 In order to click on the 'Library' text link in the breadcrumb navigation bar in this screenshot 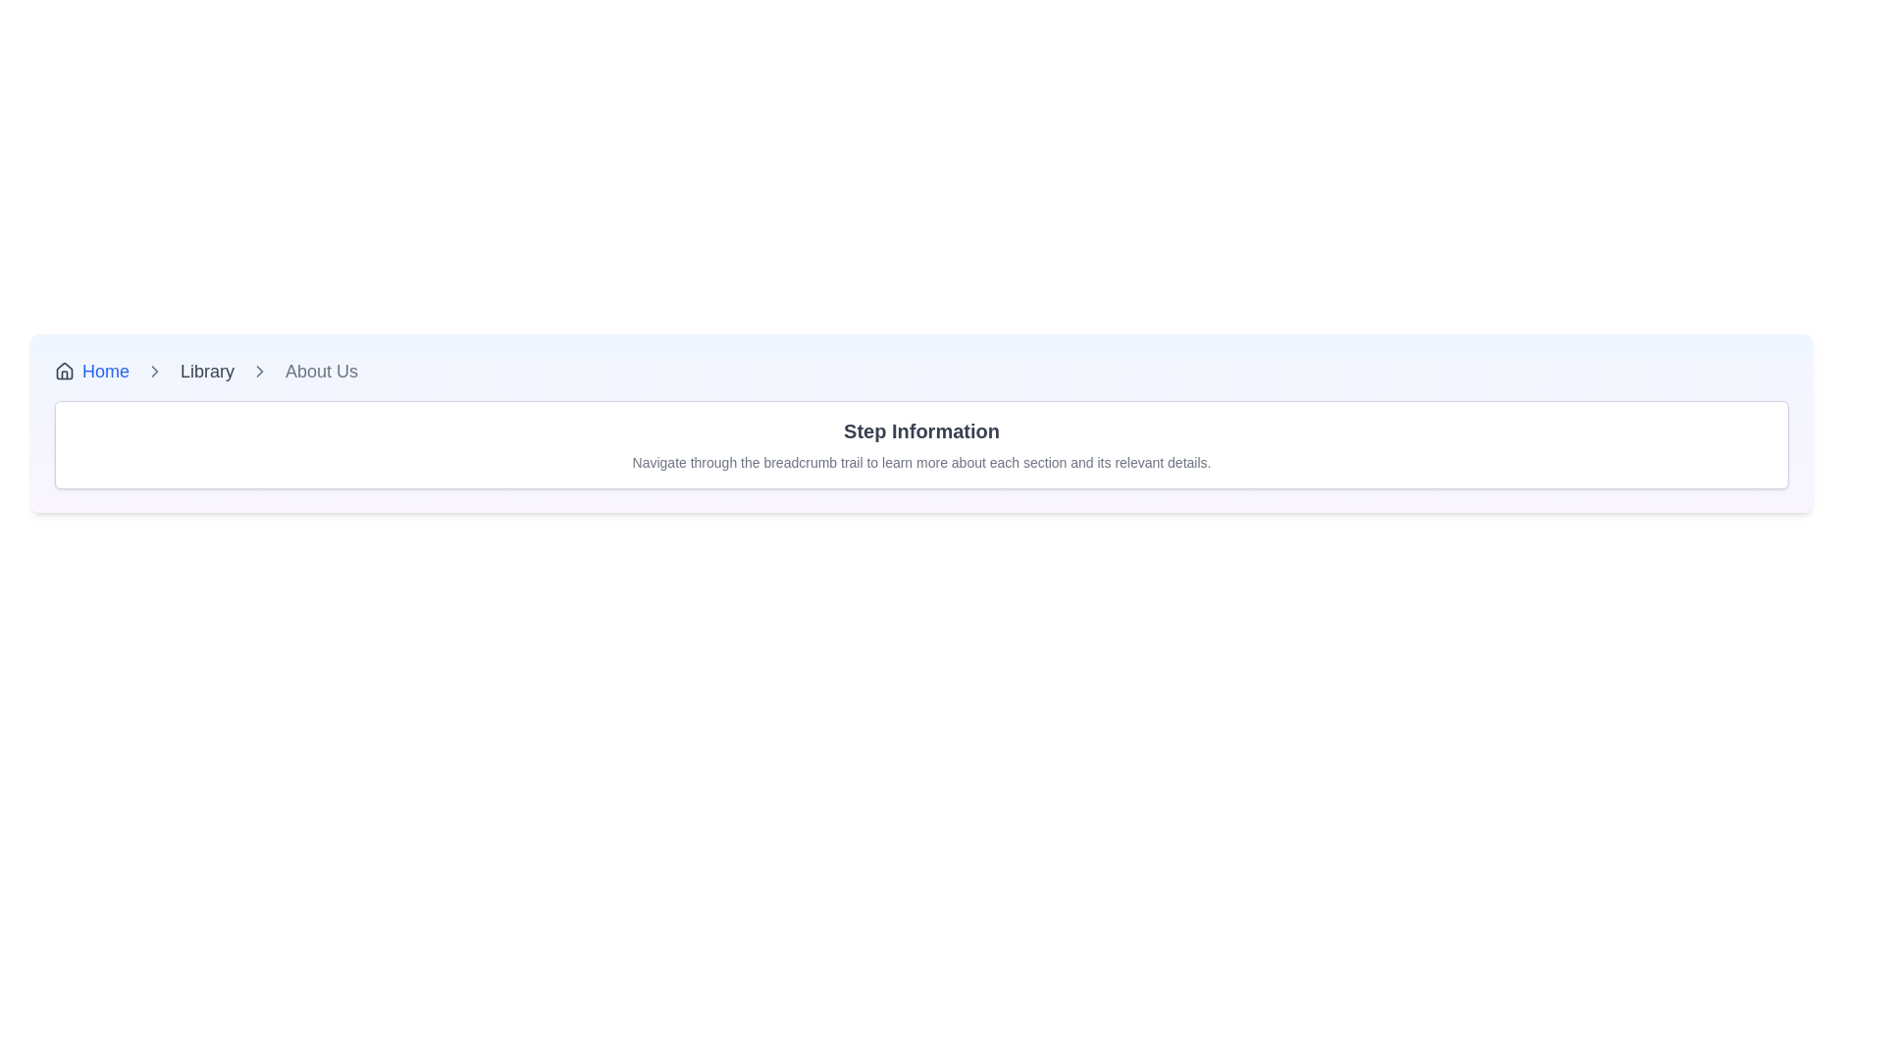, I will do `click(207, 371)`.